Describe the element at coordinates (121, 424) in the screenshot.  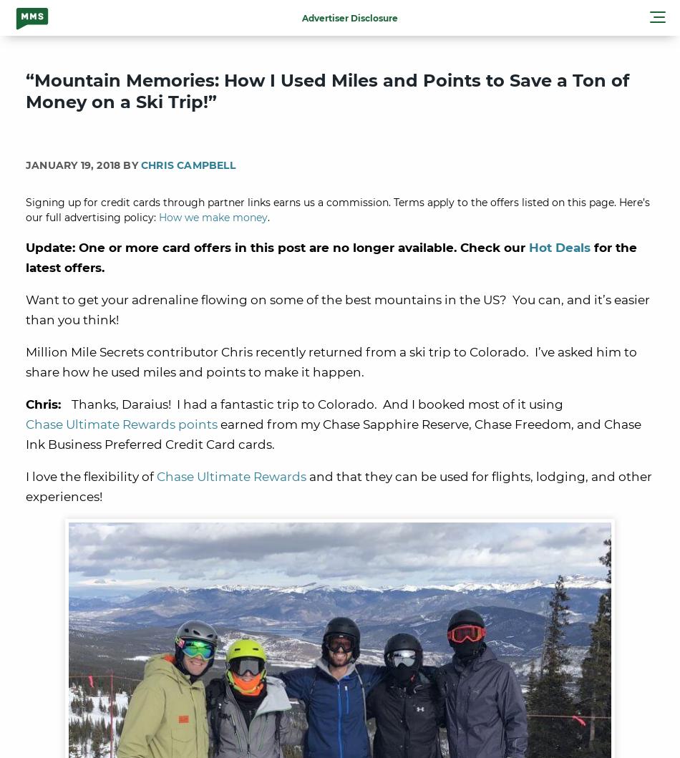
I see `'Chase Ultimate Rewards points'` at that location.